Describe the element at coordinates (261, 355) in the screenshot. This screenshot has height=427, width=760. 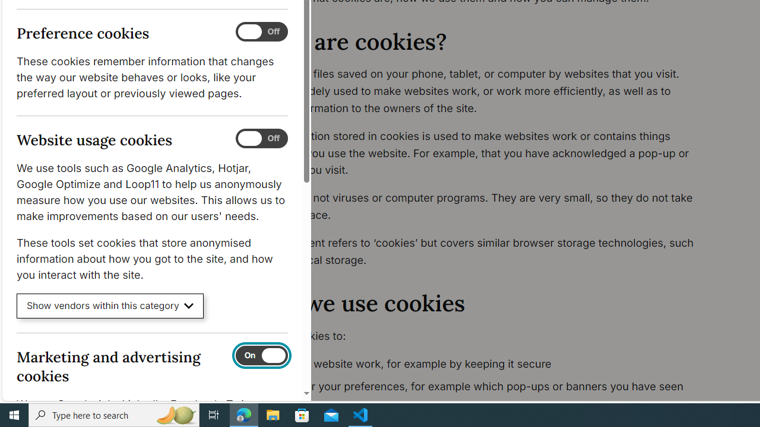
I see `'Marketing and advertising cookies'` at that location.